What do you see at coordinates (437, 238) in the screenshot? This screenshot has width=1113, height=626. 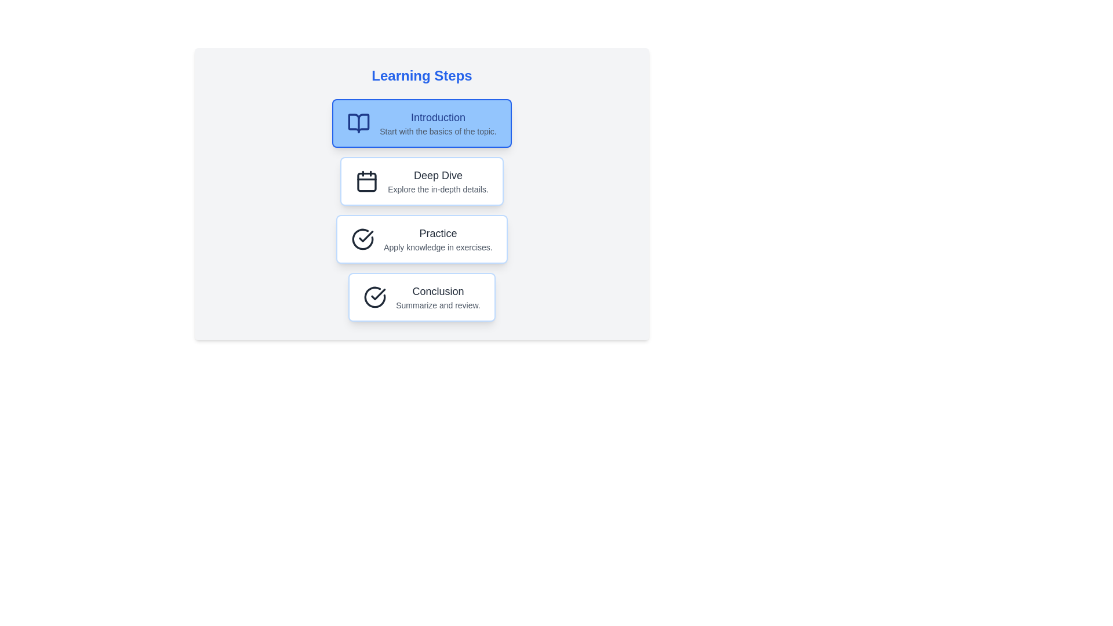 I see `the 'Practice' button, which features a bold title and a subtitle, located as the third item in a vertical list of interactive components` at bounding box center [437, 238].